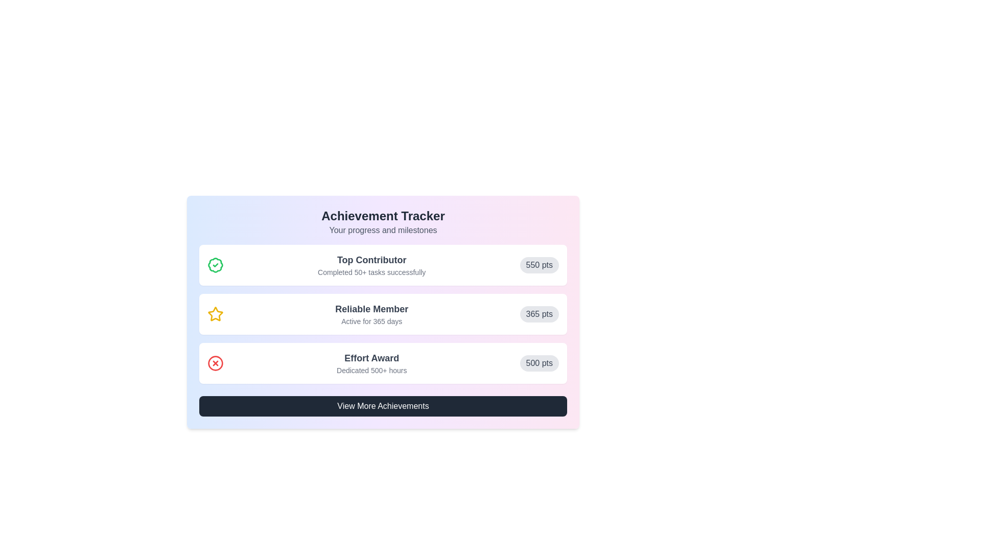 This screenshot has width=981, height=552. What do you see at coordinates (215, 313) in the screenshot?
I see `the star-shaped icon with a gold stroke and hollow center, part of the 'Reliable Member' achievement item, positioned above the text 'Reliable Member' and 'Active for 365 days'` at bounding box center [215, 313].